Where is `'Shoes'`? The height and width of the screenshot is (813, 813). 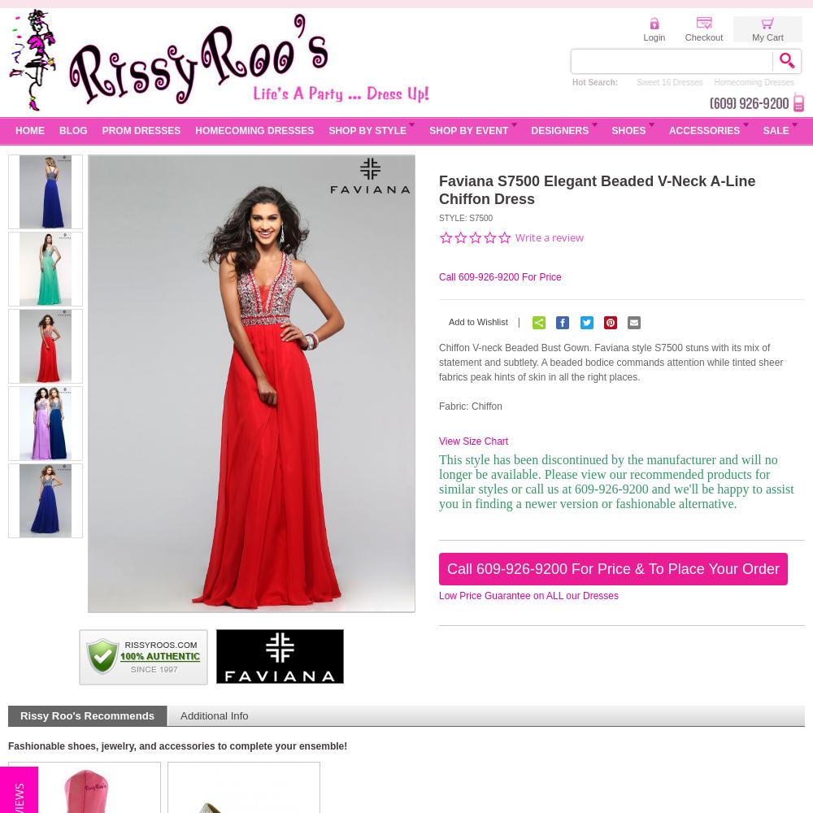 'Shoes' is located at coordinates (629, 131).